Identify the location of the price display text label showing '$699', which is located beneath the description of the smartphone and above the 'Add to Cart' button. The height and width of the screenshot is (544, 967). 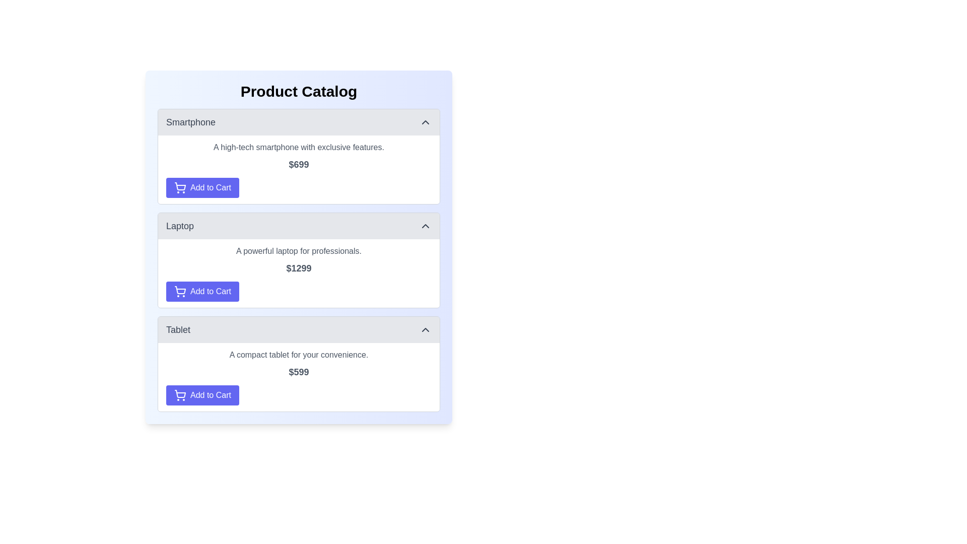
(298, 164).